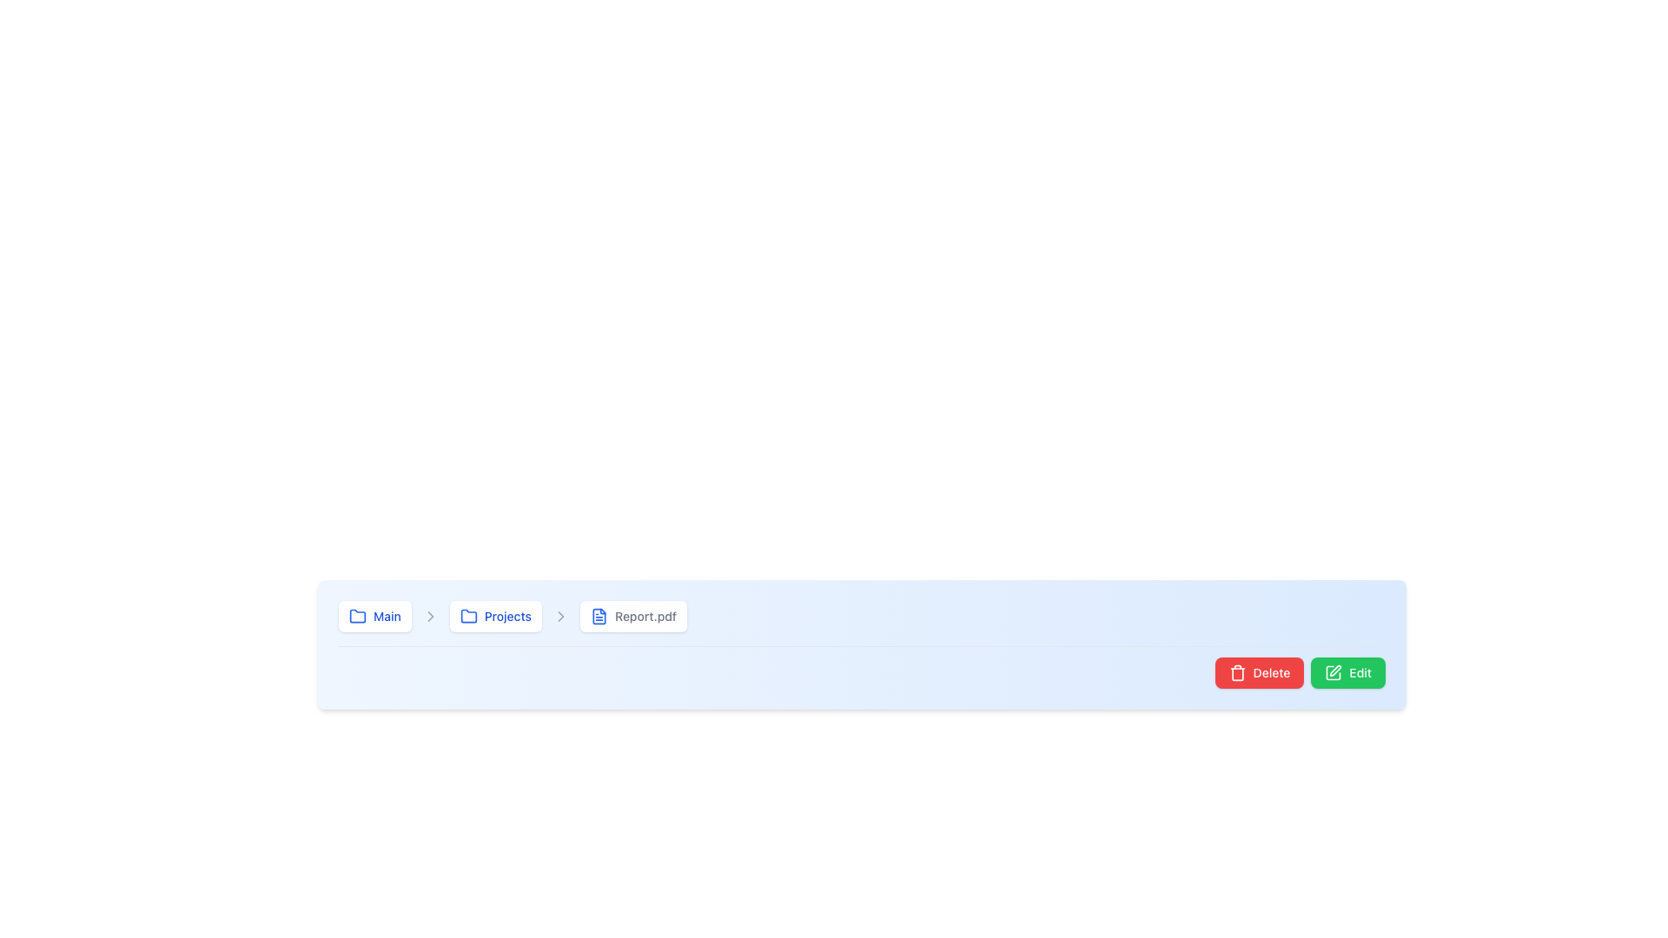  I want to click on the file item icon representing 'Report.pdf' in the breadcrumb navigation, so click(599, 615).